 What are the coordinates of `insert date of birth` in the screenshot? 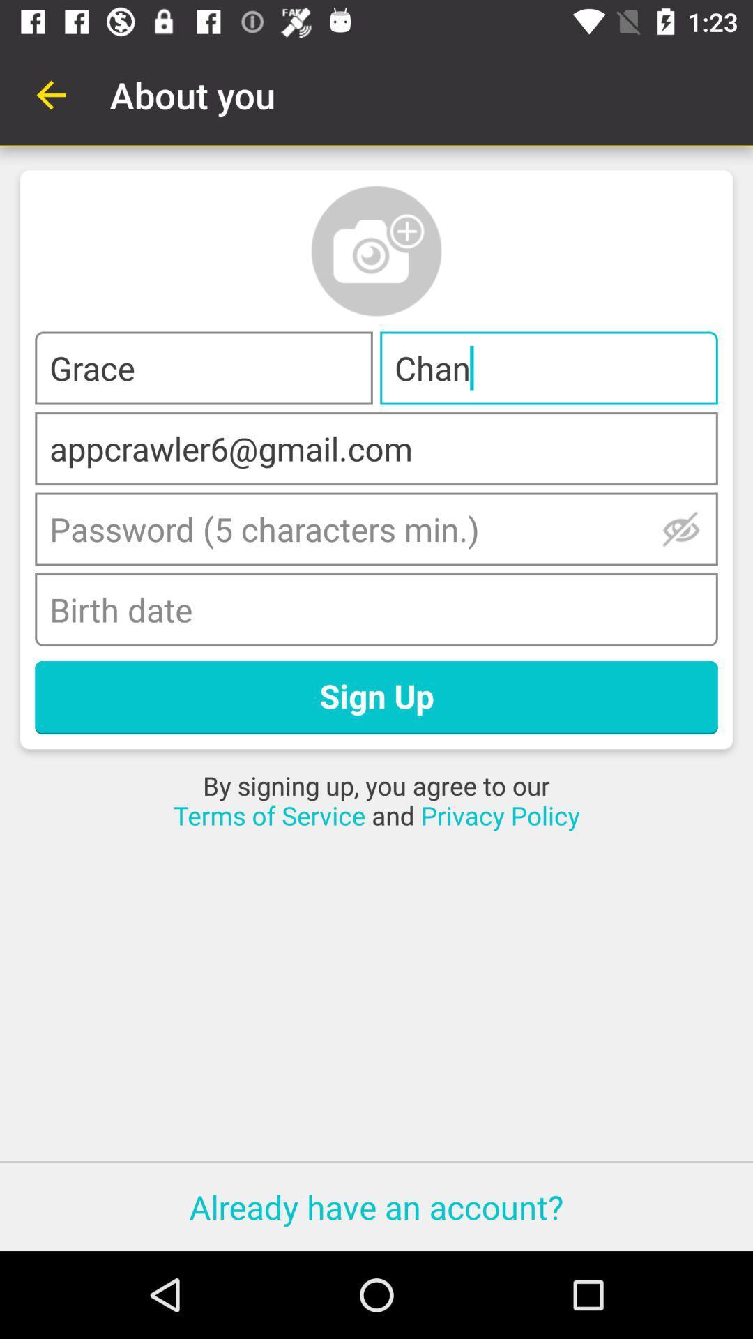 It's located at (376, 610).